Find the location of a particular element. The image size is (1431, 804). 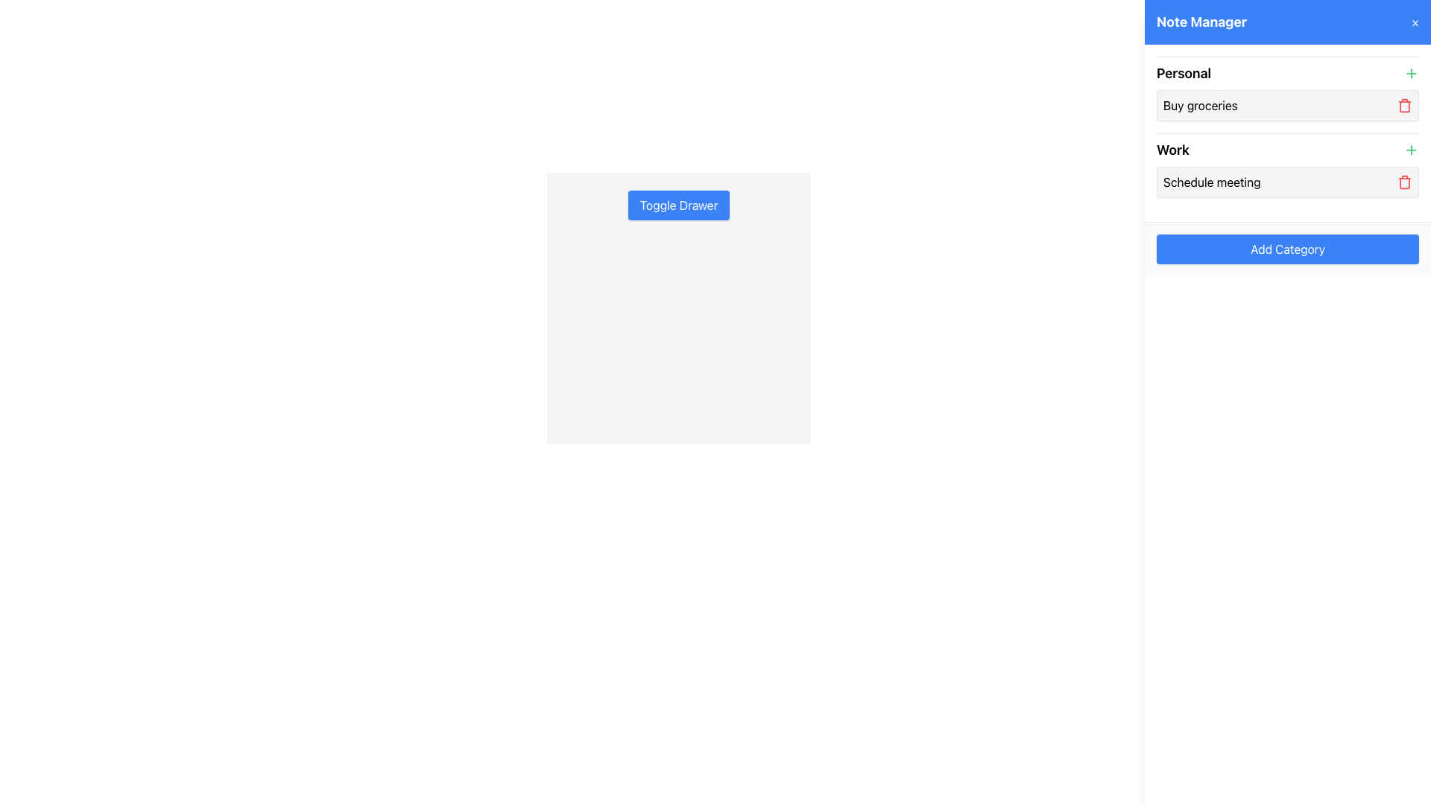

the green plus icon located to the right of the 'Personal' heading in the Note Manager panel to trigger the hover effect is located at coordinates (1411, 74).